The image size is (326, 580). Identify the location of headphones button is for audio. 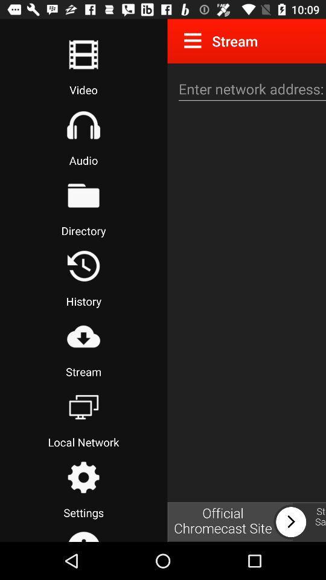
(83, 125).